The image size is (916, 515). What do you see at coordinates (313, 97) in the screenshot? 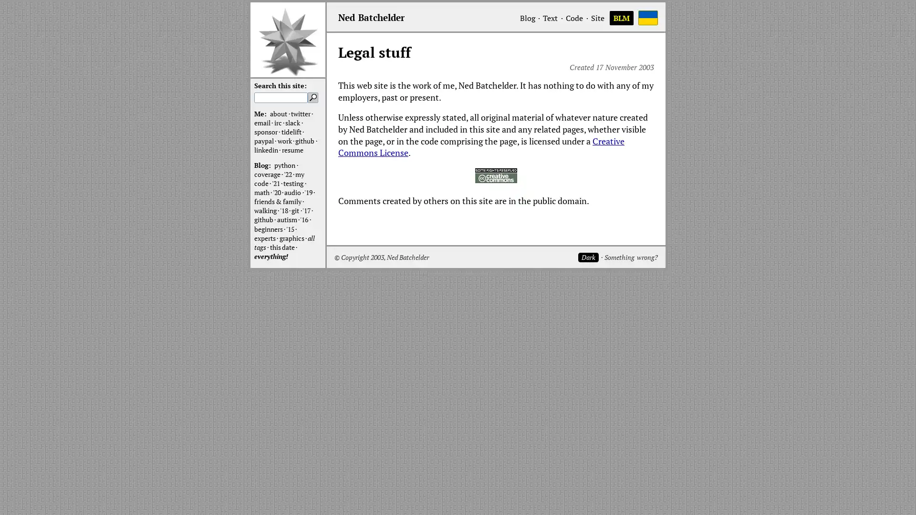
I see `Search` at bounding box center [313, 97].